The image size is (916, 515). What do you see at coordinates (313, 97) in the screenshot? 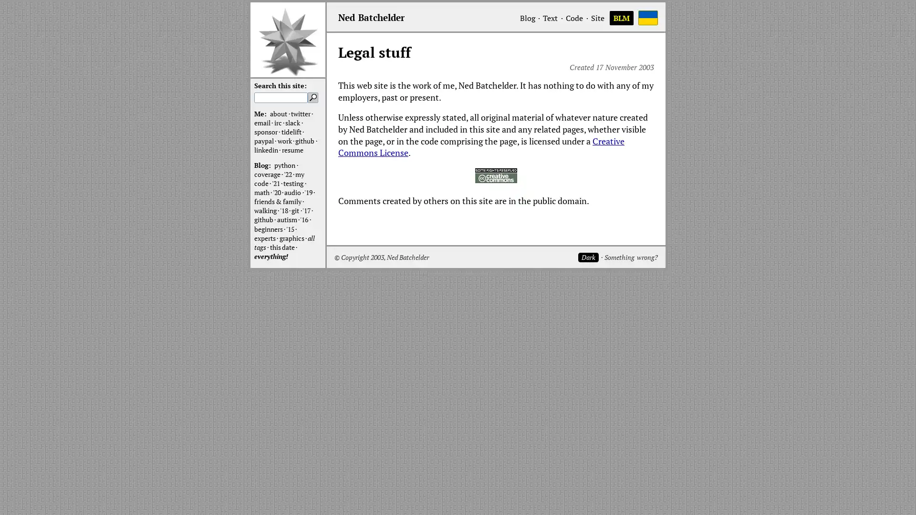
I see `Search` at bounding box center [313, 97].